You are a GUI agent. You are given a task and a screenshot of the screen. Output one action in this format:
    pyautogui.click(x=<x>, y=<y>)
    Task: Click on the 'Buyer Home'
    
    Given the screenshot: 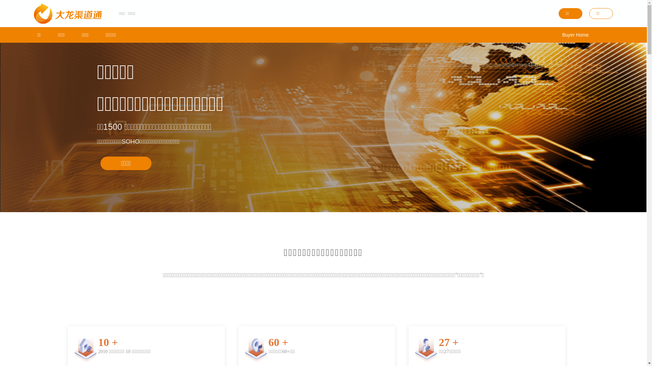 What is the action you would take?
    pyautogui.click(x=575, y=35)
    